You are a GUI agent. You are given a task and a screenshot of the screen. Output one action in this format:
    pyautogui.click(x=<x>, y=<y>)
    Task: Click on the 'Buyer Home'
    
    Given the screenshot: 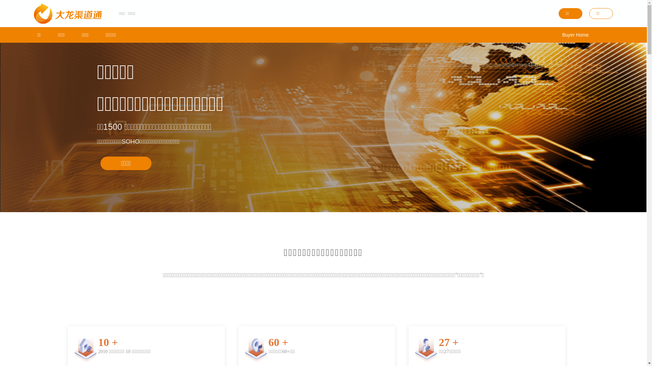 What is the action you would take?
    pyautogui.click(x=575, y=35)
    